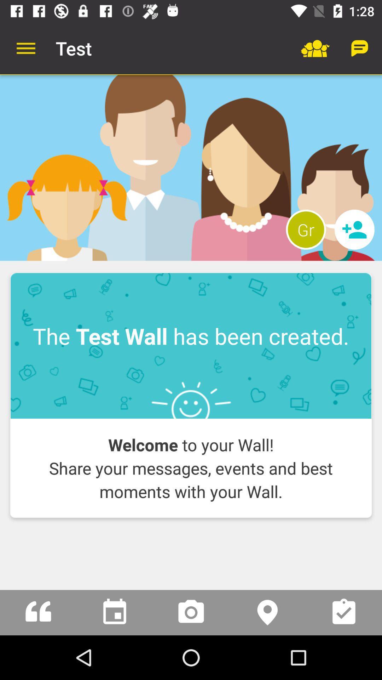 The width and height of the screenshot is (382, 680). What do you see at coordinates (191, 612) in the screenshot?
I see `camera` at bounding box center [191, 612].